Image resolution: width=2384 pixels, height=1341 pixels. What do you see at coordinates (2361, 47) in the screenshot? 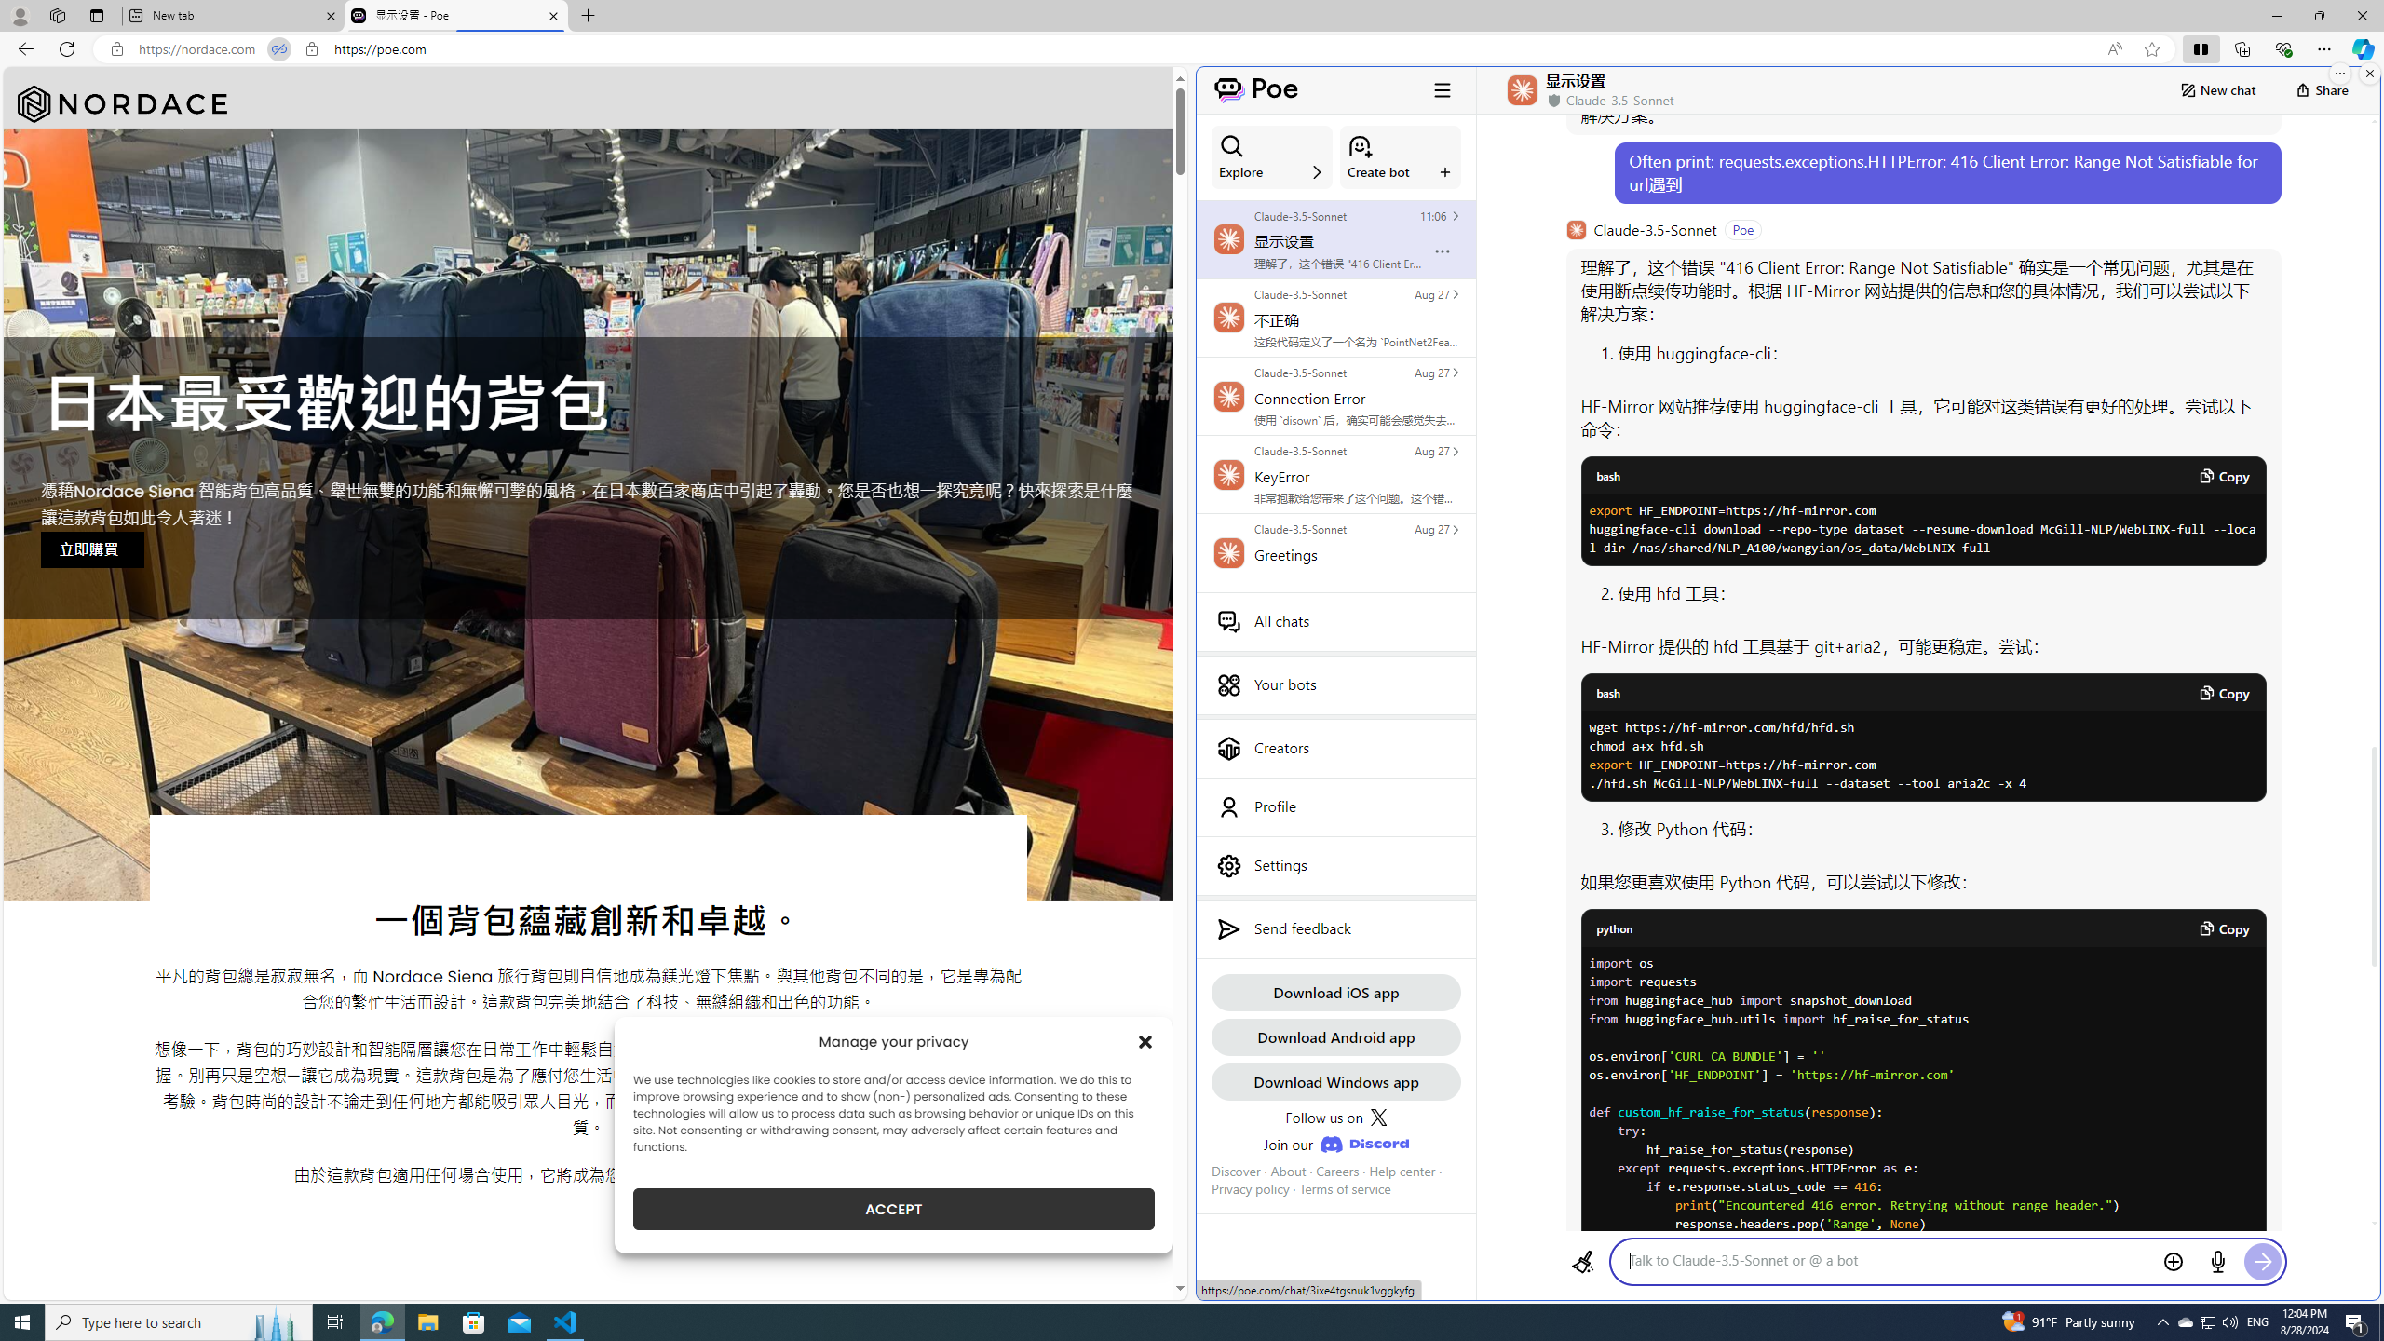
I see `'Copilot (Ctrl+Shift+.)'` at bounding box center [2361, 47].